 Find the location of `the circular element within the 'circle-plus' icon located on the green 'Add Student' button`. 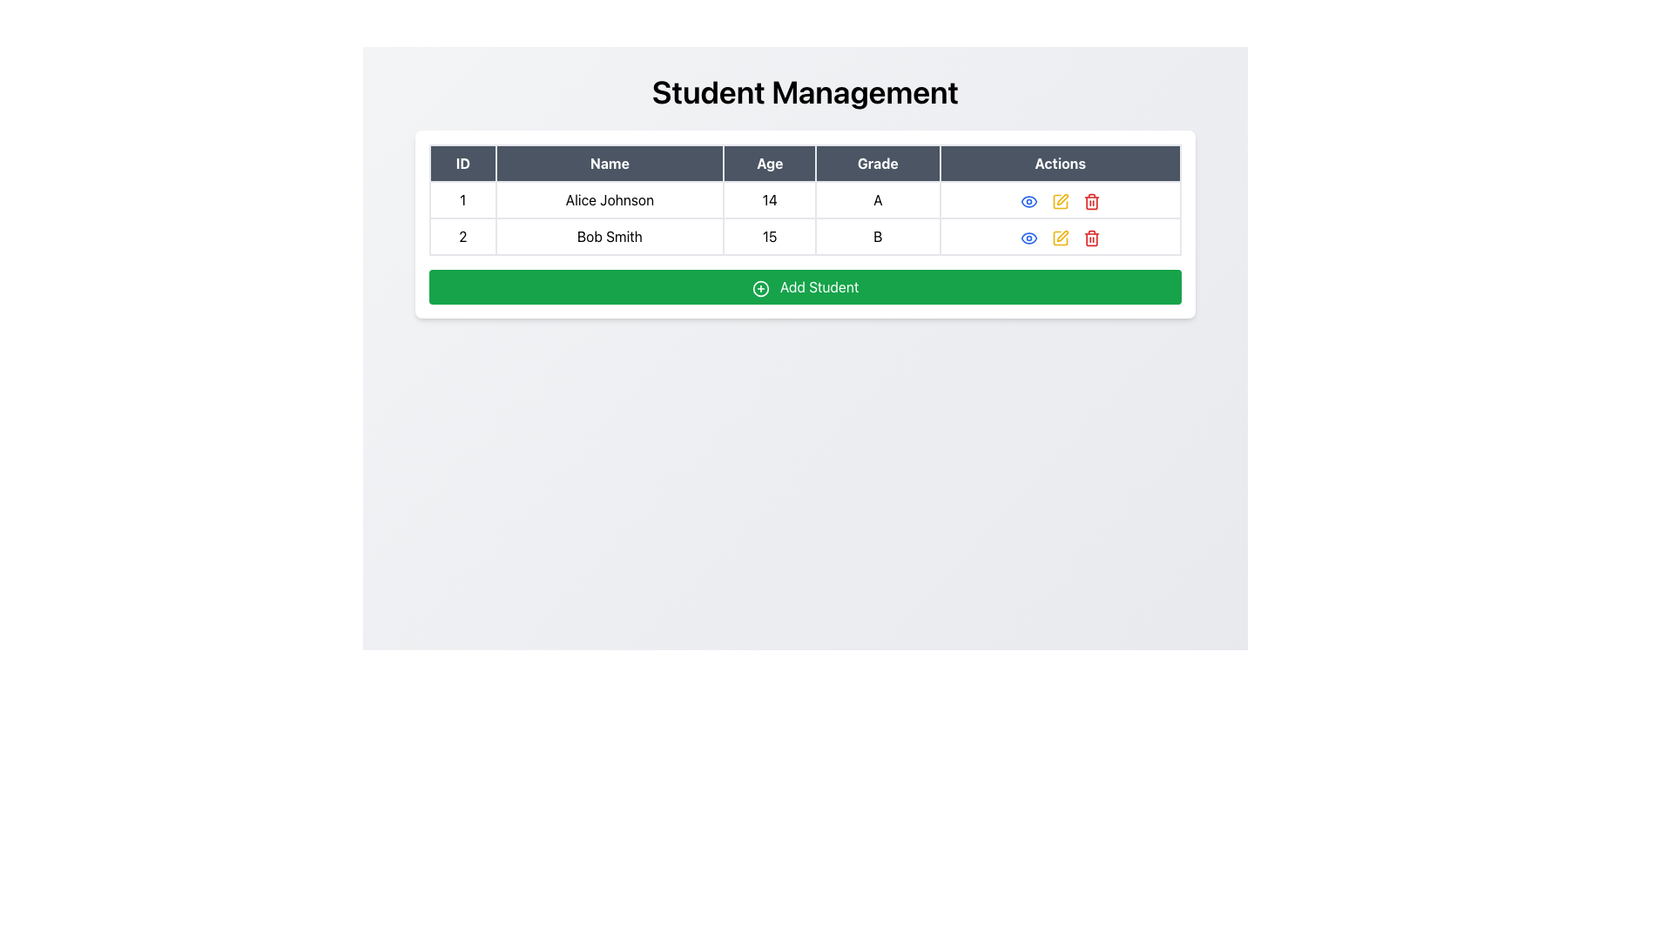

the circular element within the 'circle-plus' icon located on the green 'Add Student' button is located at coordinates (760, 287).